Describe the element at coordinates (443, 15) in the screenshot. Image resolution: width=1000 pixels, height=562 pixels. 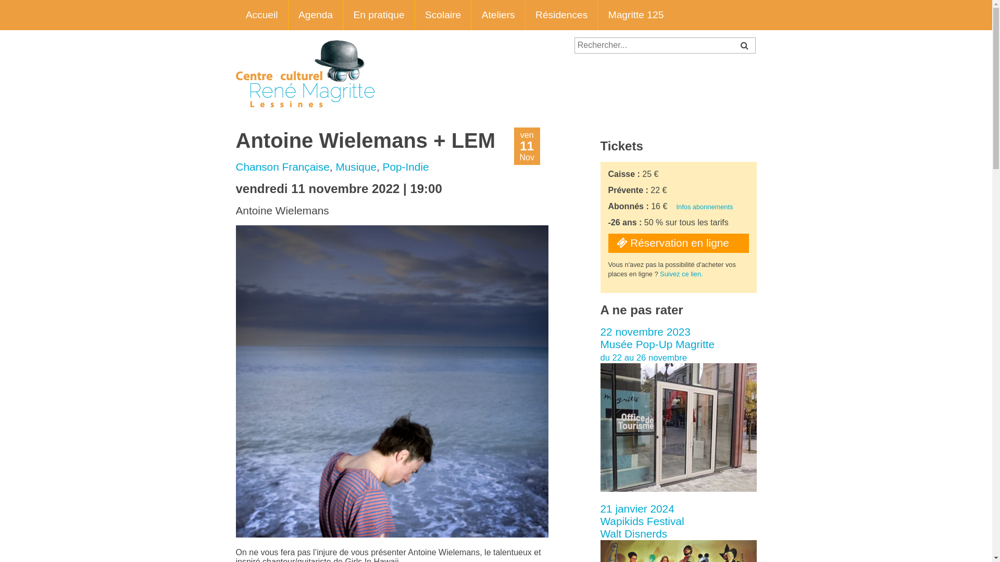
I see `'Scolaire'` at that location.